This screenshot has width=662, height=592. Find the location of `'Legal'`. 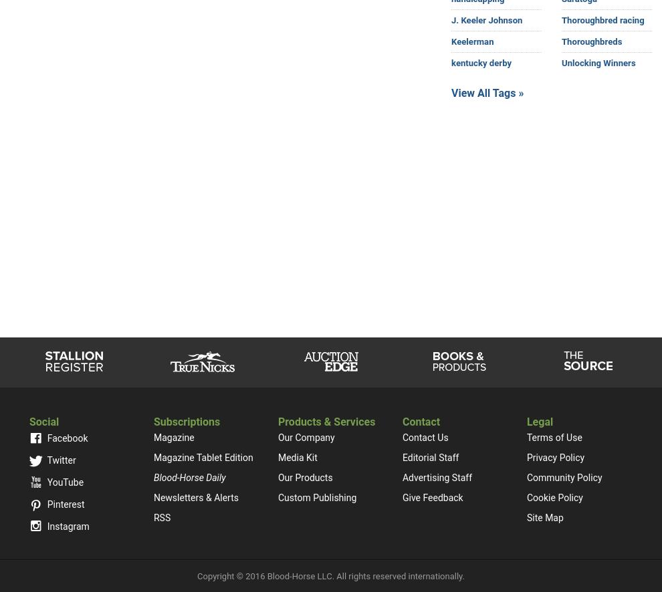

'Legal' is located at coordinates (539, 422).